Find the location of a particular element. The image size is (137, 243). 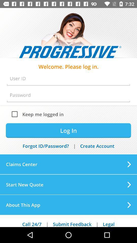

user id is located at coordinates (68, 78).